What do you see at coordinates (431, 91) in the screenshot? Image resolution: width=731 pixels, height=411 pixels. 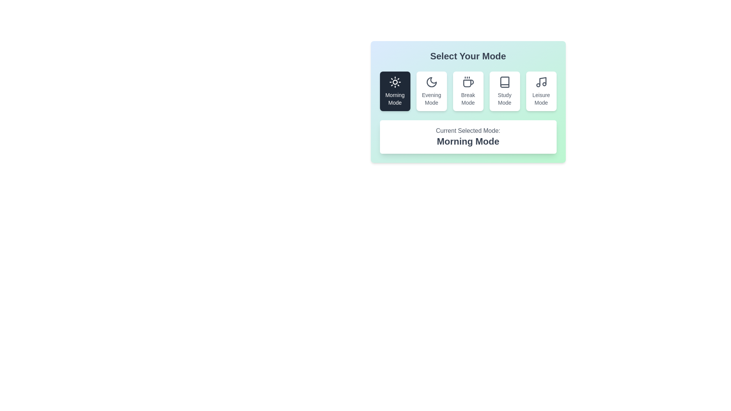 I see `the mode button labeled Evening Mode` at bounding box center [431, 91].